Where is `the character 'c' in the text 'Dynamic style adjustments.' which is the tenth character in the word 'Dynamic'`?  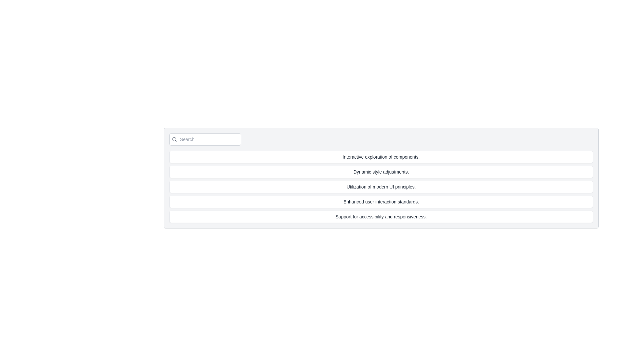 the character 'c' in the text 'Dynamic style adjustments.' which is the tenth character in the word 'Dynamic' is located at coordinates (370, 171).